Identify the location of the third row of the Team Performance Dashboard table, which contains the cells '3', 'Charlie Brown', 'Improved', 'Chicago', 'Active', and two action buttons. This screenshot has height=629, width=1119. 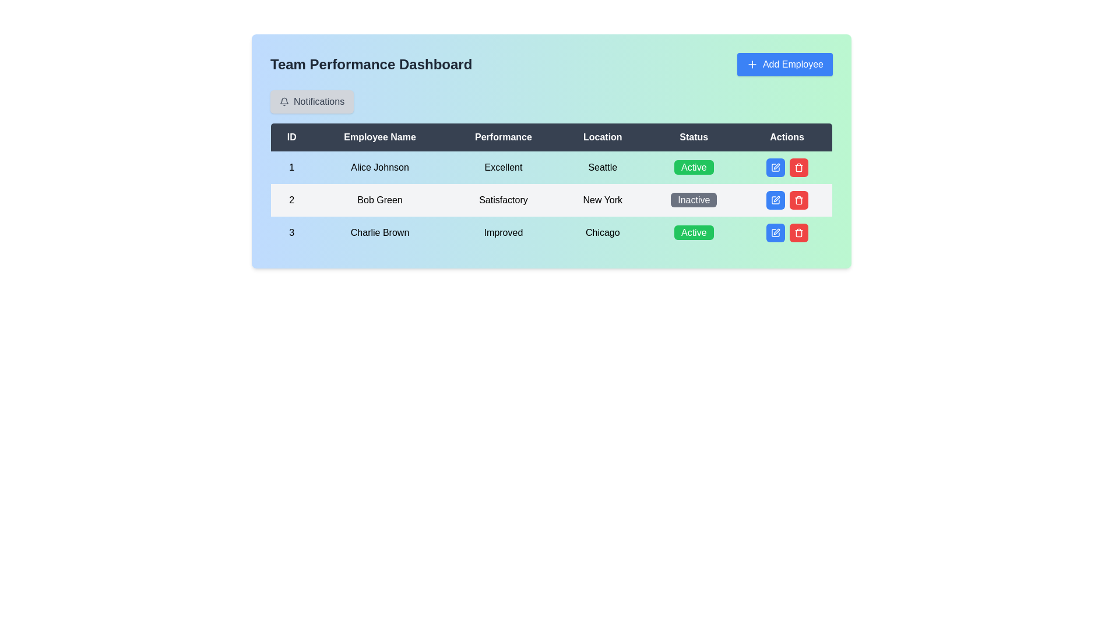
(551, 233).